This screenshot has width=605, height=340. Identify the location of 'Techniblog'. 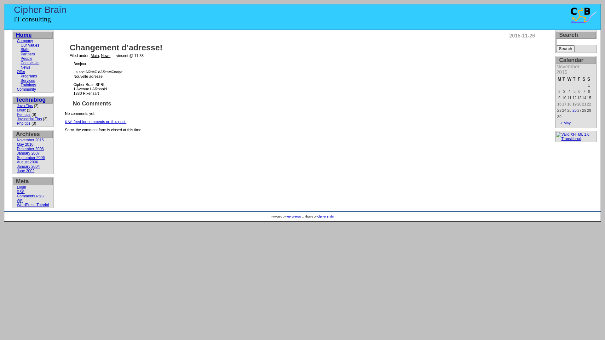
(30, 99).